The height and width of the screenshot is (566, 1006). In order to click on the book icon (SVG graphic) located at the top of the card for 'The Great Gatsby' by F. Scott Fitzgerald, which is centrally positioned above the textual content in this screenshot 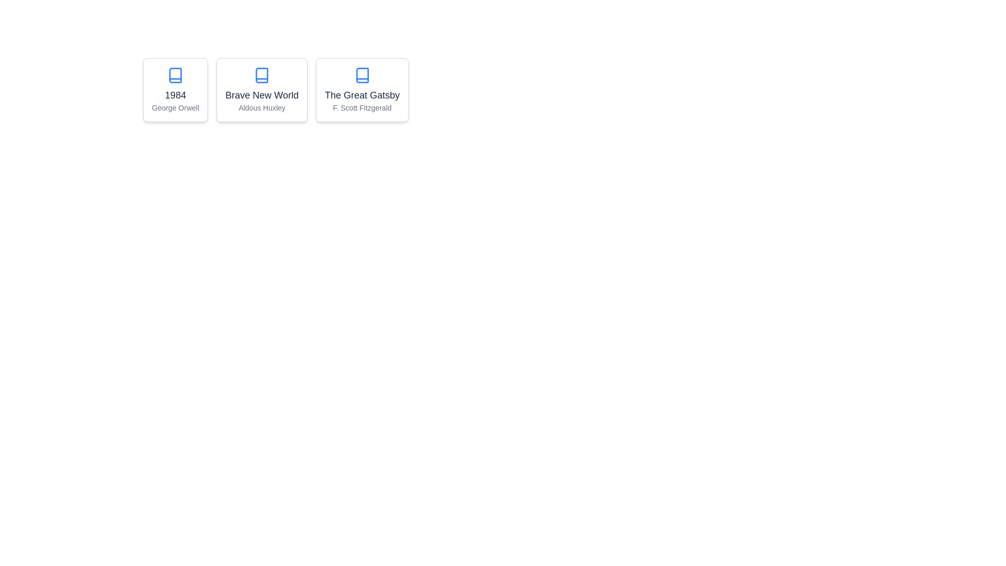, I will do `click(362, 74)`.